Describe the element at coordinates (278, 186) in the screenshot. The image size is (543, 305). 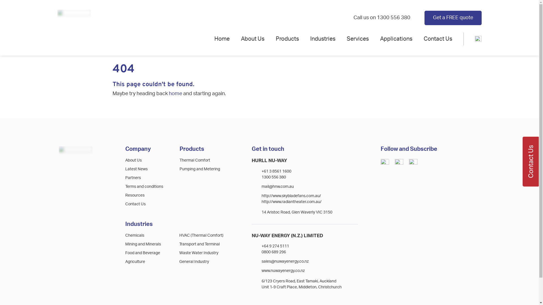
I see `'mail@hnw.com.au'` at that location.